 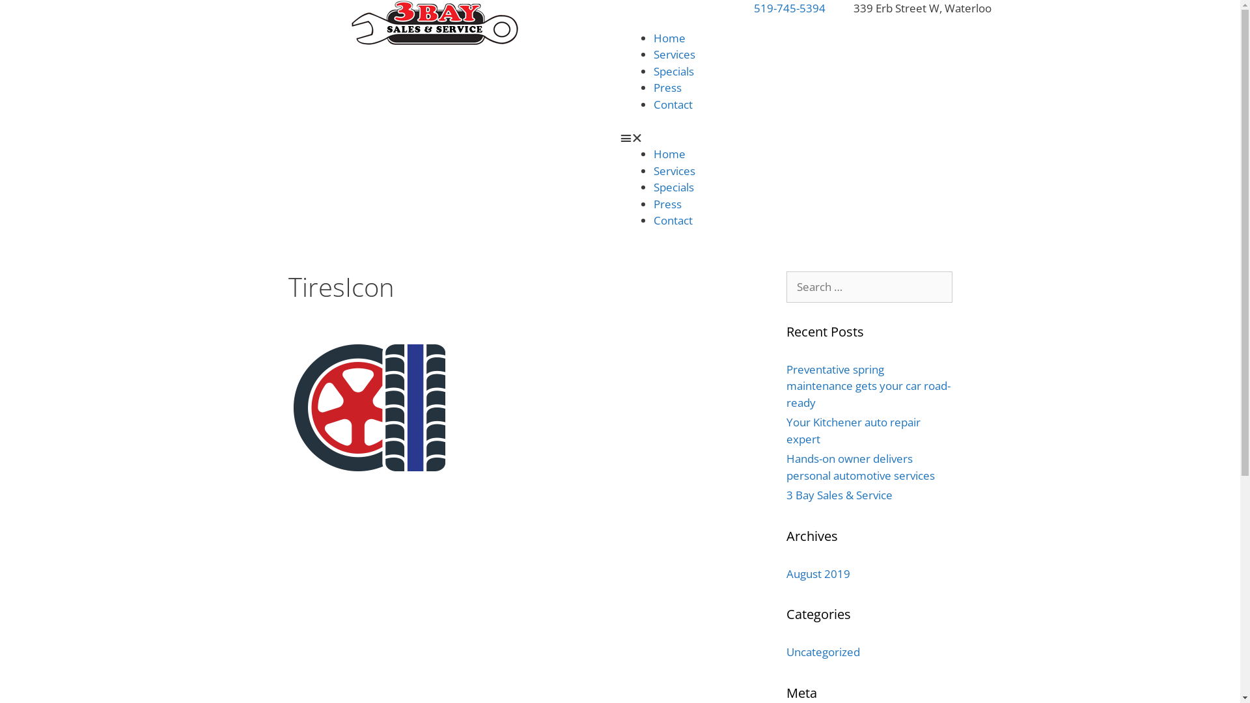 I want to click on 'Preventative spring maintenance gets your car road-ready', so click(x=868, y=385).